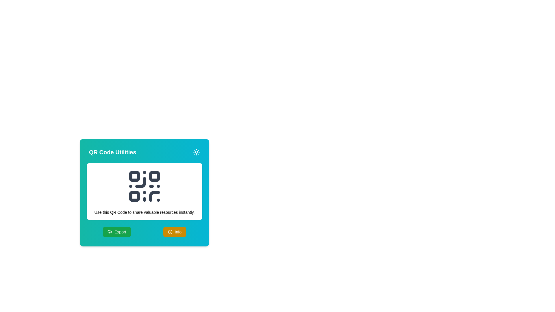 The image size is (555, 312). I want to click on the dark rectangular block with rounded corners that is the third small block in the QR code-like symbol, located towards the bottom left of the QR code grid, so click(134, 196).